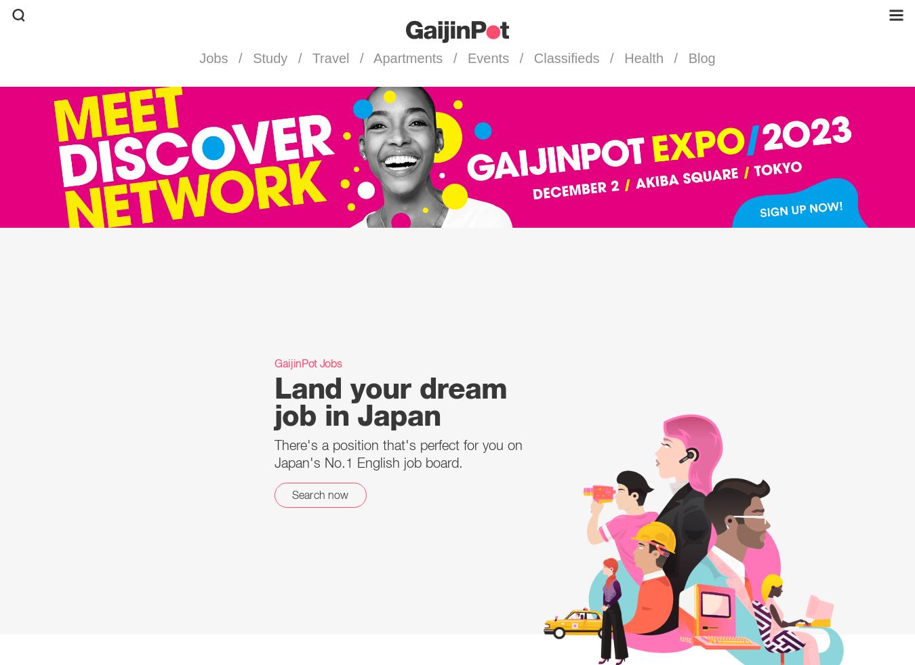 The height and width of the screenshot is (665, 915). What do you see at coordinates (274, 453) in the screenshot?
I see `'There's a position that's perfect for you on Japan's No.1 English job board.'` at bounding box center [274, 453].